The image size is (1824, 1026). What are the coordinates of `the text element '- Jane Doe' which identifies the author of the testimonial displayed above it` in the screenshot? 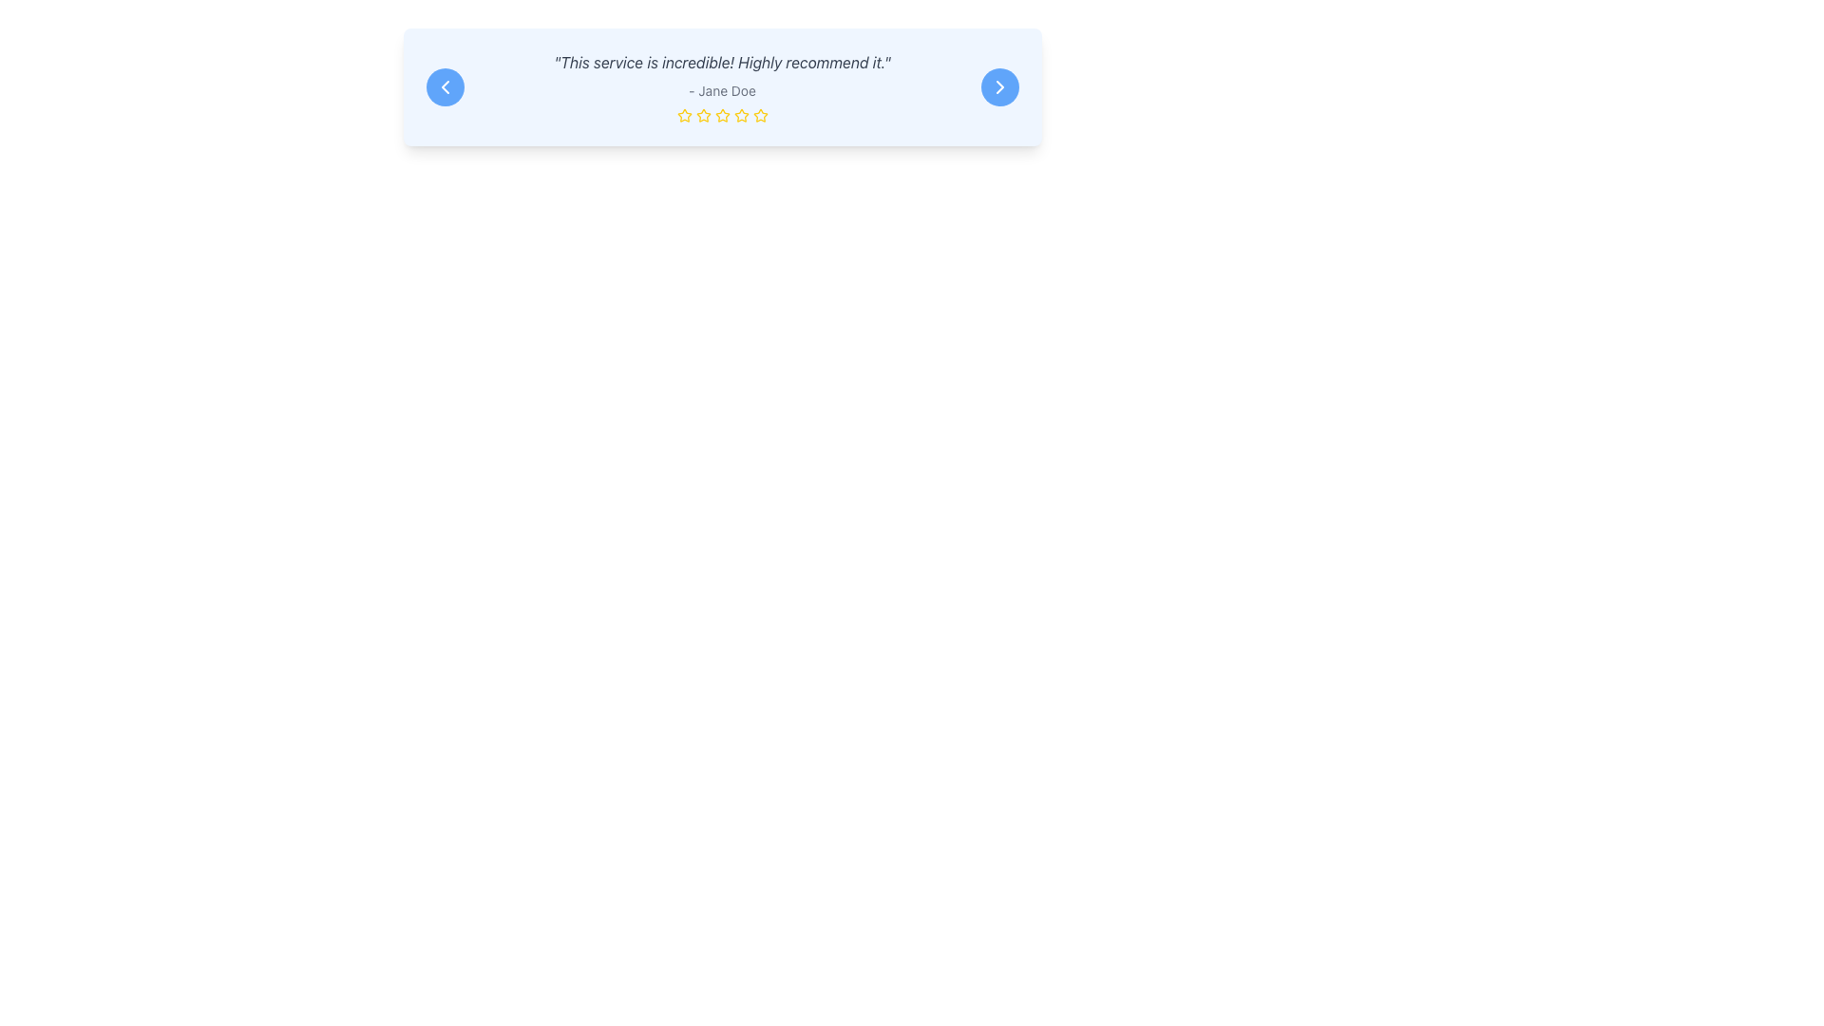 It's located at (721, 91).